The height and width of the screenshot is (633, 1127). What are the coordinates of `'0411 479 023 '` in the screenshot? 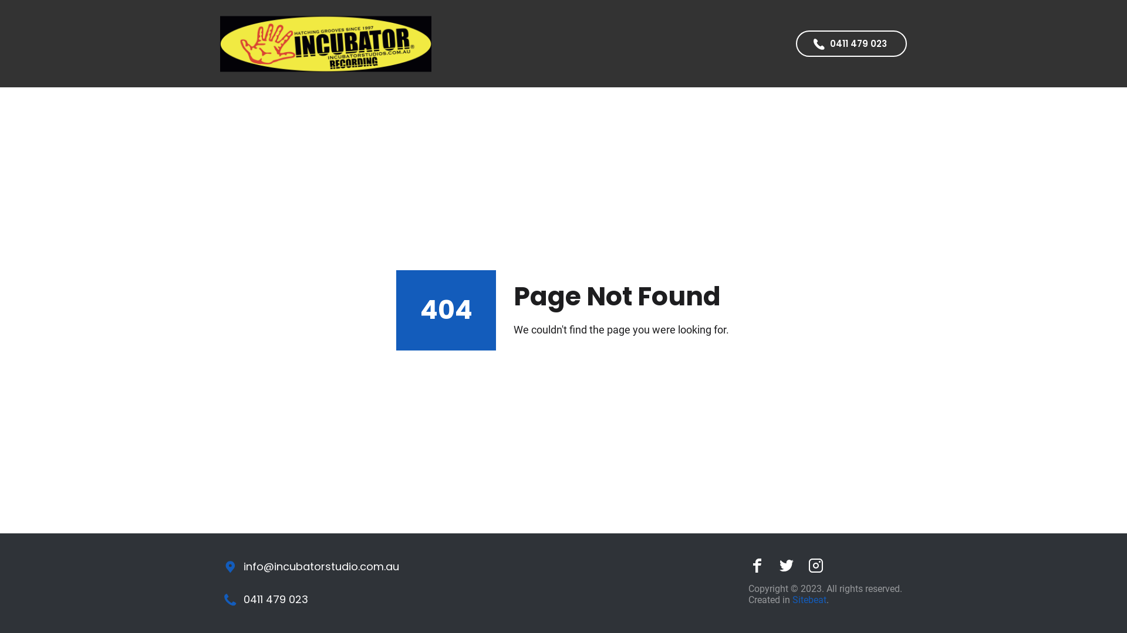 It's located at (851, 43).